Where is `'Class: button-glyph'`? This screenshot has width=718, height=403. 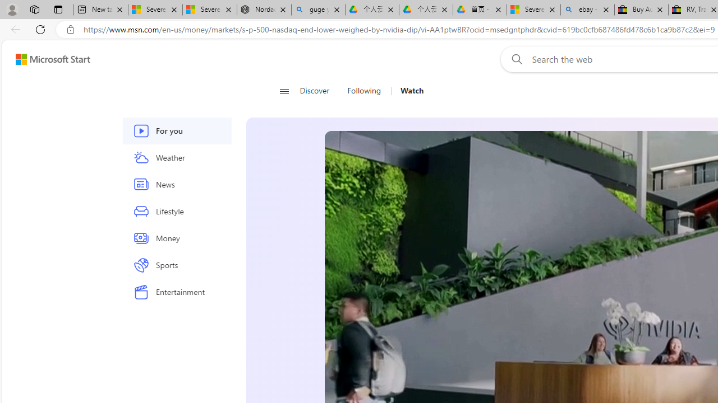 'Class: button-glyph' is located at coordinates (284, 91).